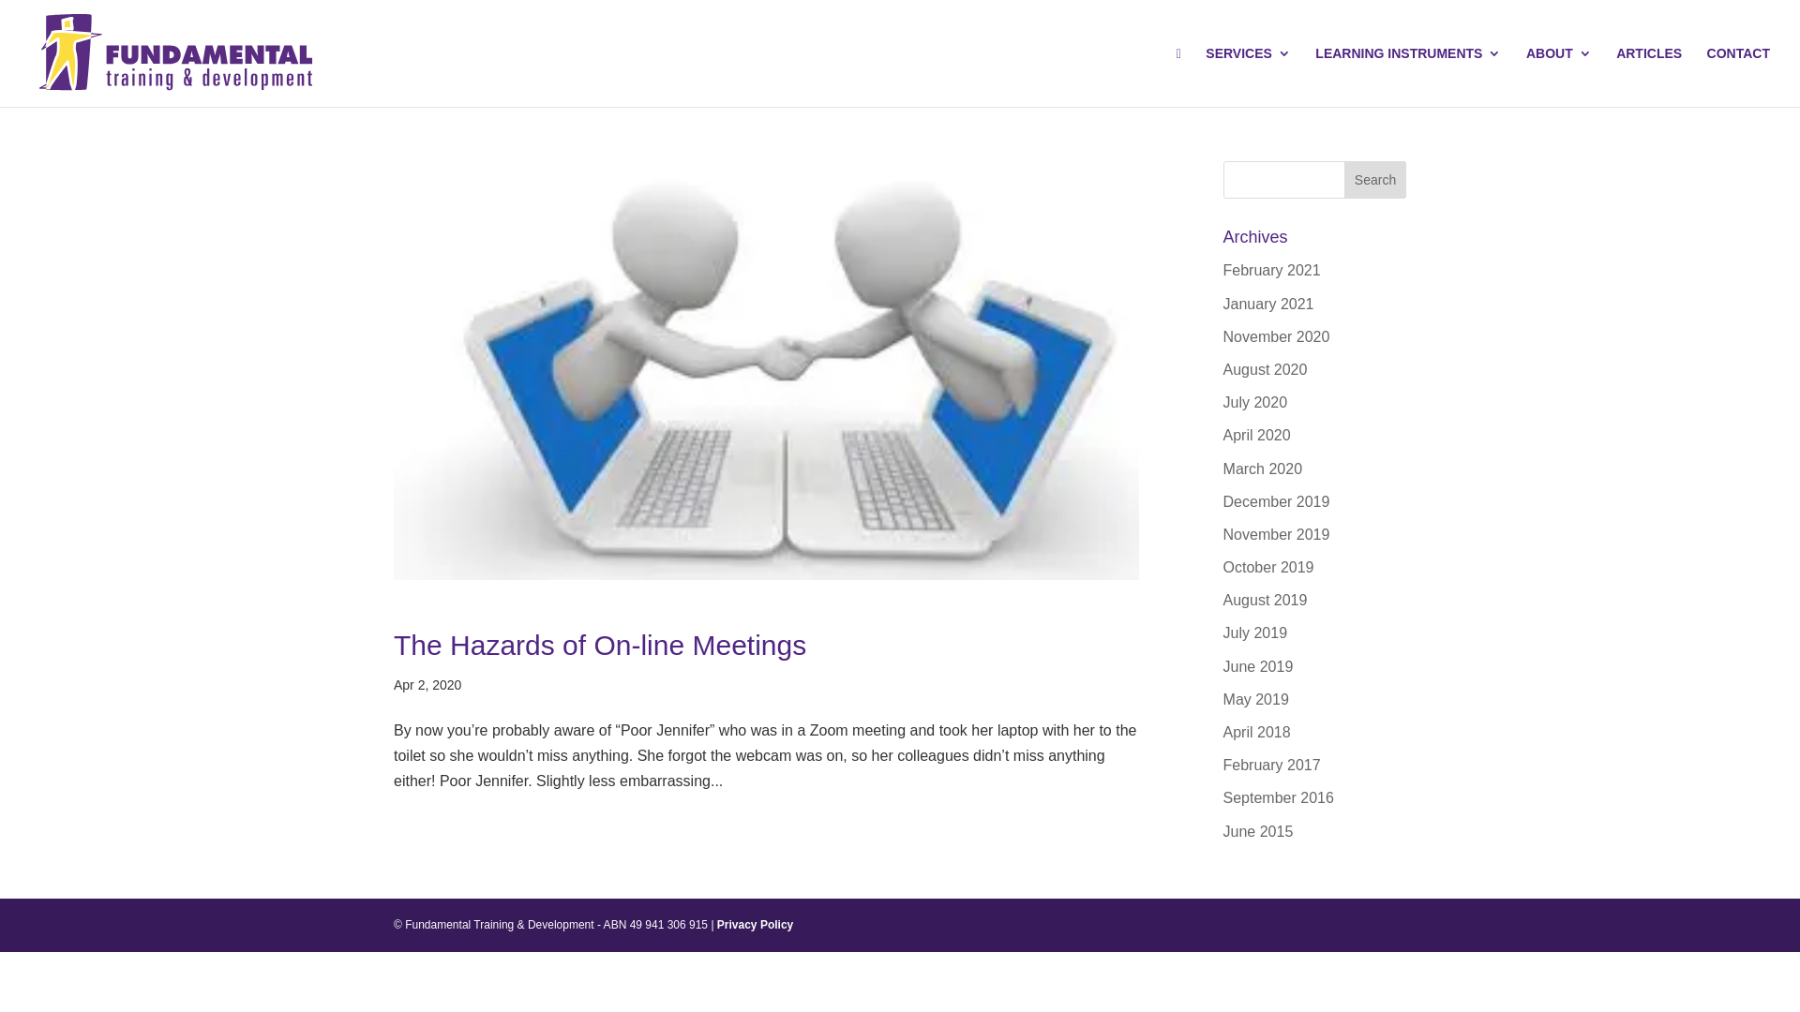 This screenshot has width=1800, height=1012. I want to click on 'July 2020', so click(1255, 401).